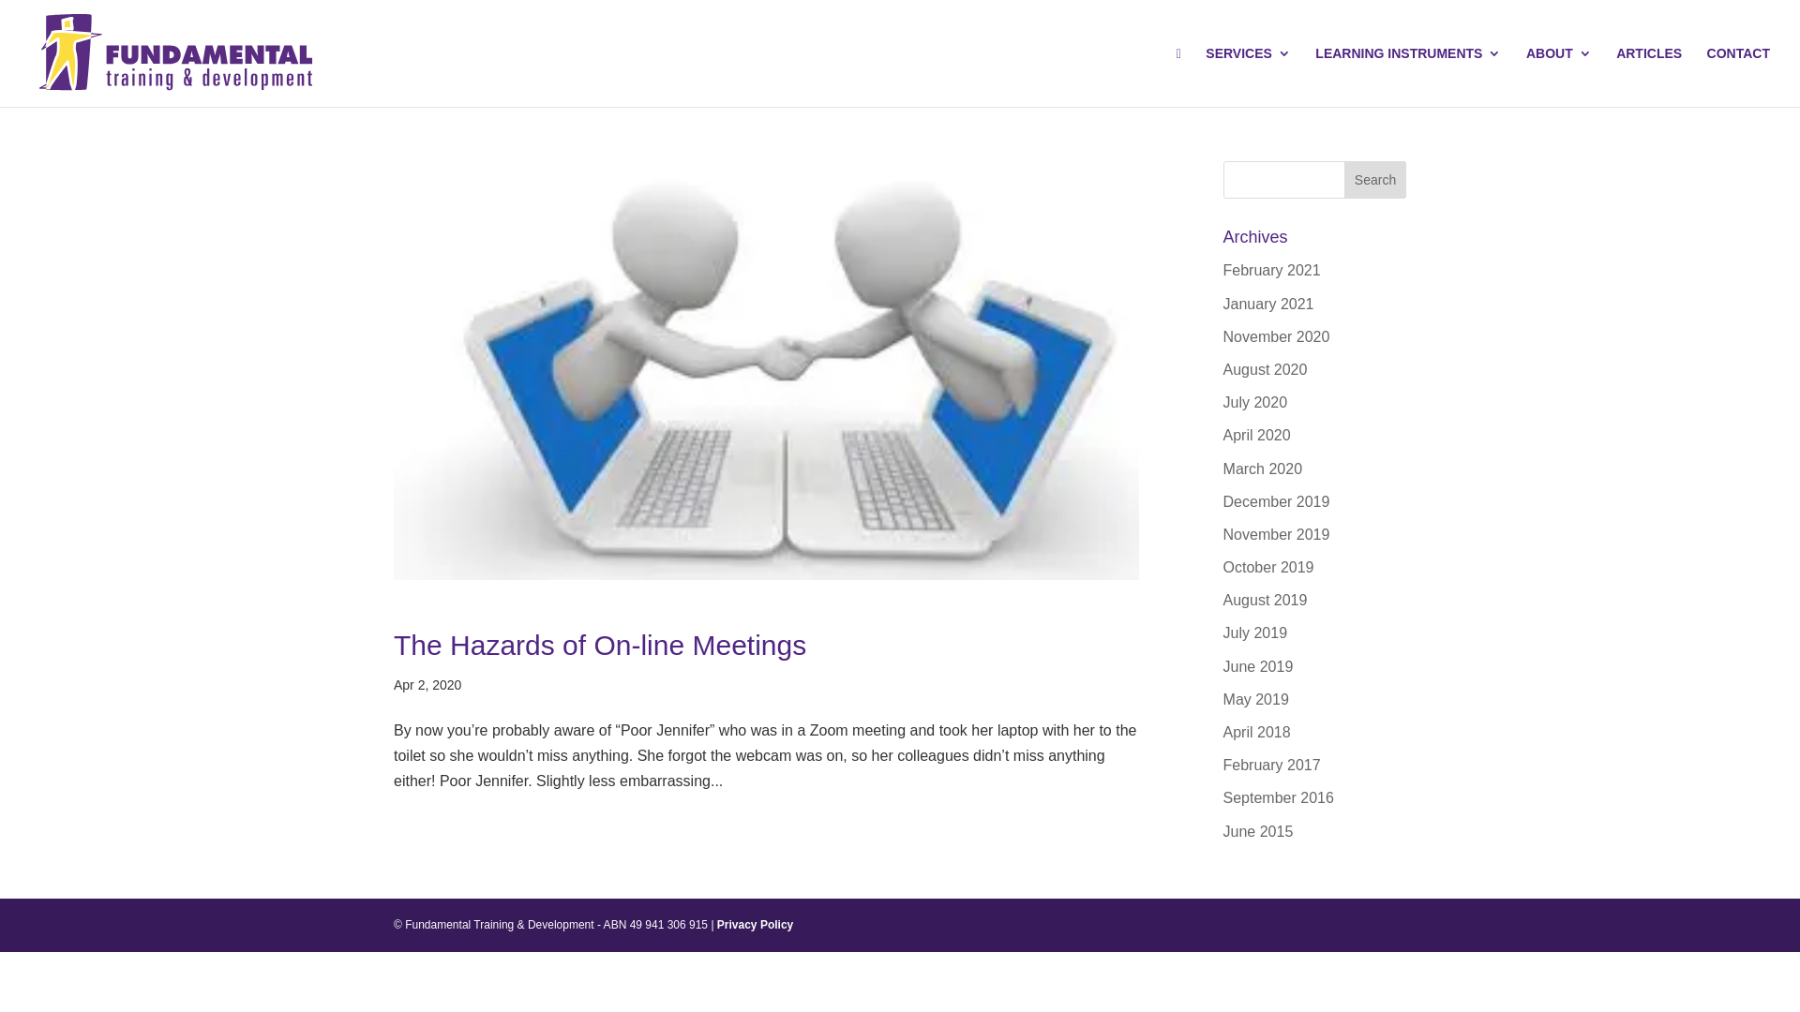 This screenshot has width=1800, height=1012. I want to click on 'July 2020', so click(1255, 401).